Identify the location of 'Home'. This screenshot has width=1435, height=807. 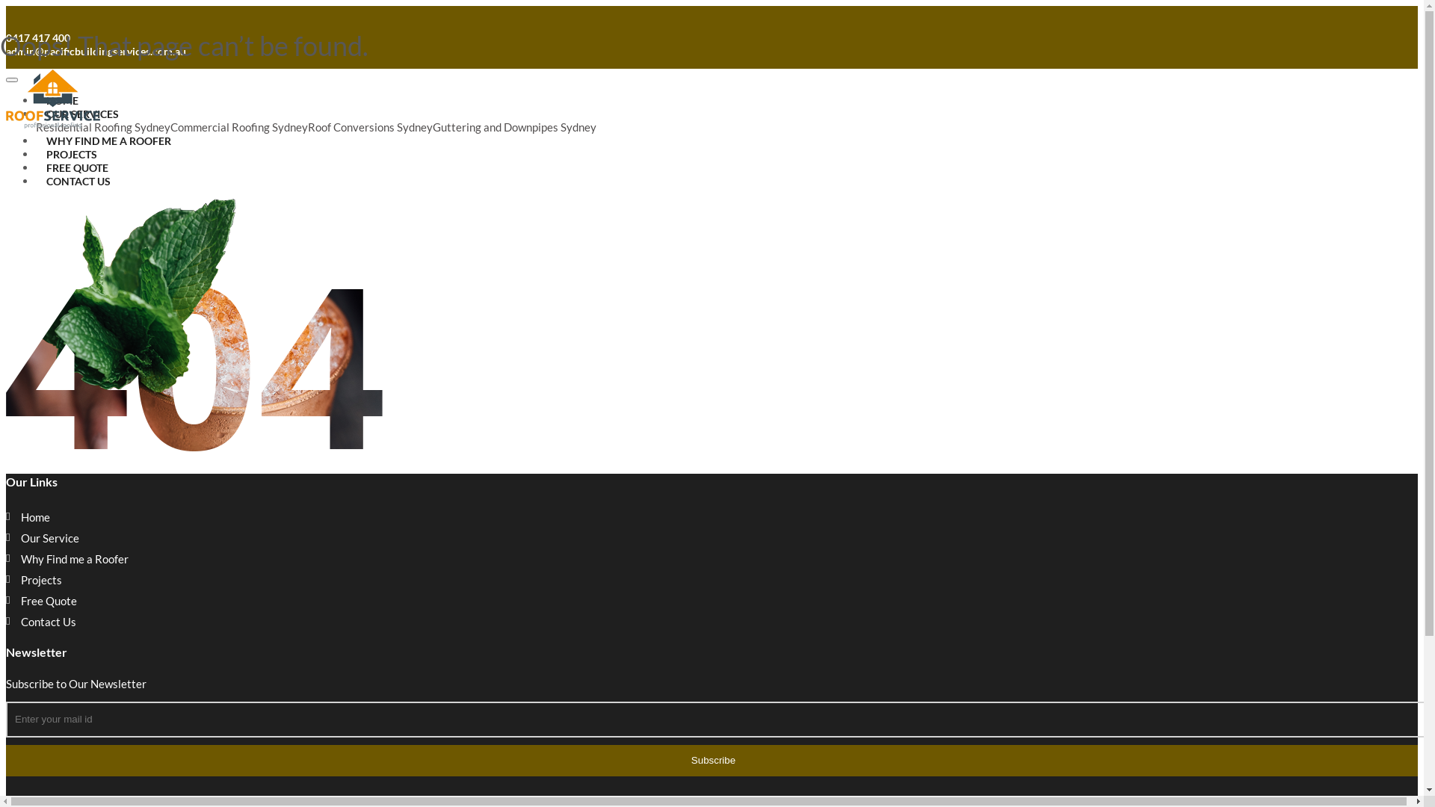
(35, 516).